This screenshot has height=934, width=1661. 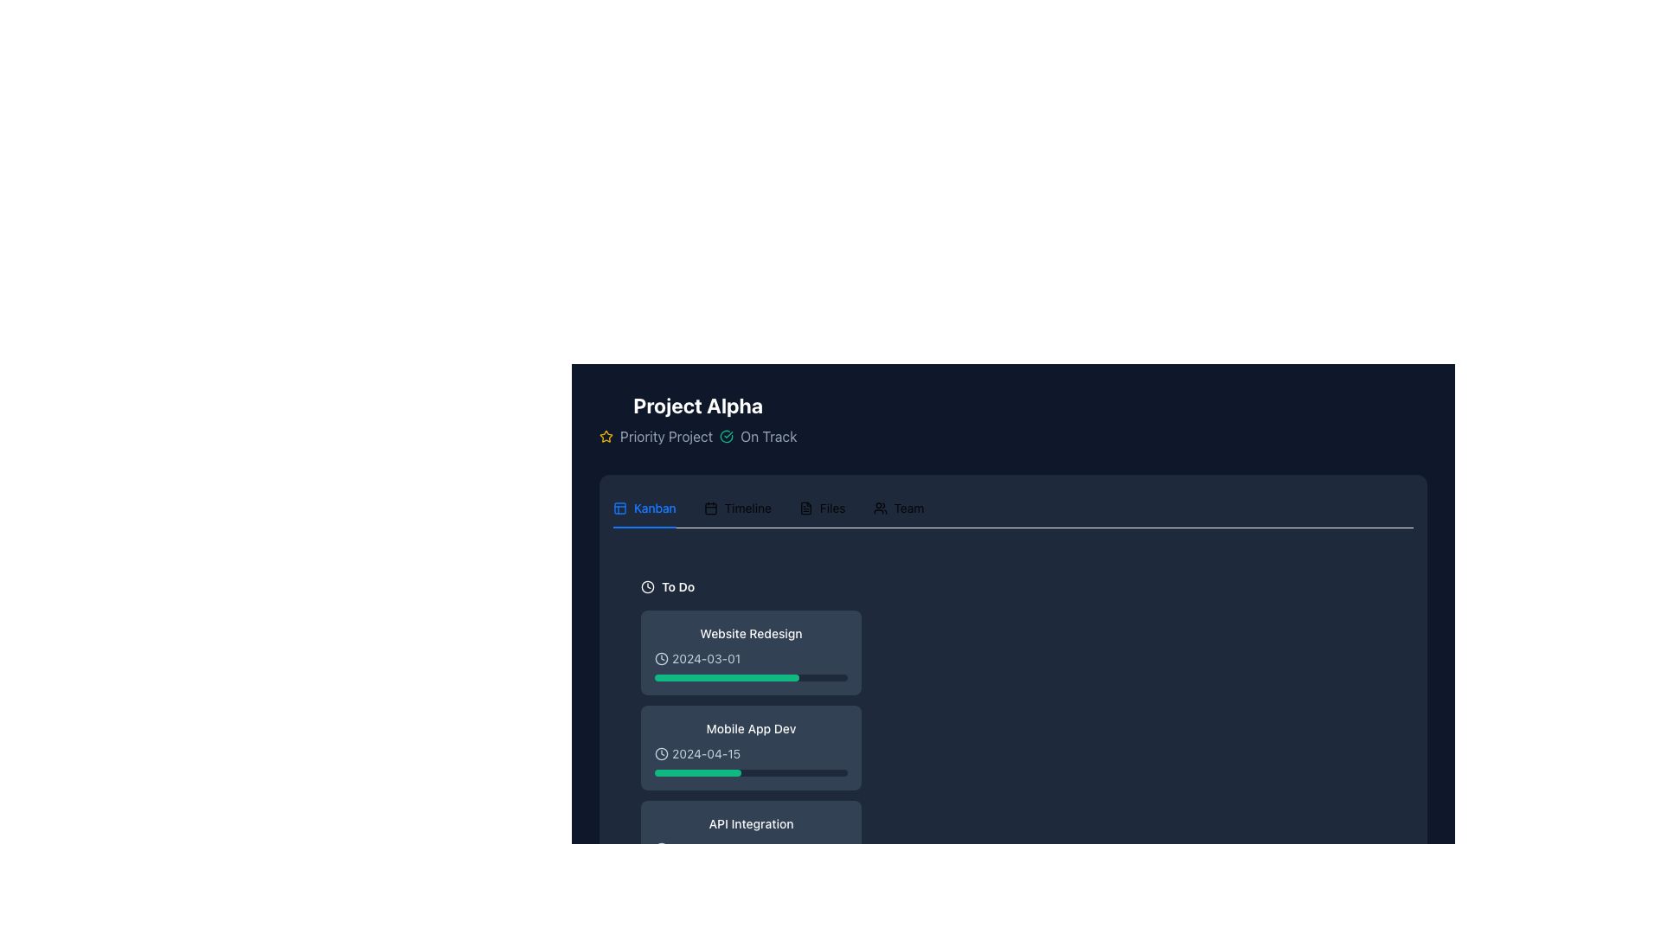 I want to click on the 'Kanban' tab, which is the leftmost tab in the row, featuring bold blue text and a minimalistic panel icon, so click(x=644, y=507).